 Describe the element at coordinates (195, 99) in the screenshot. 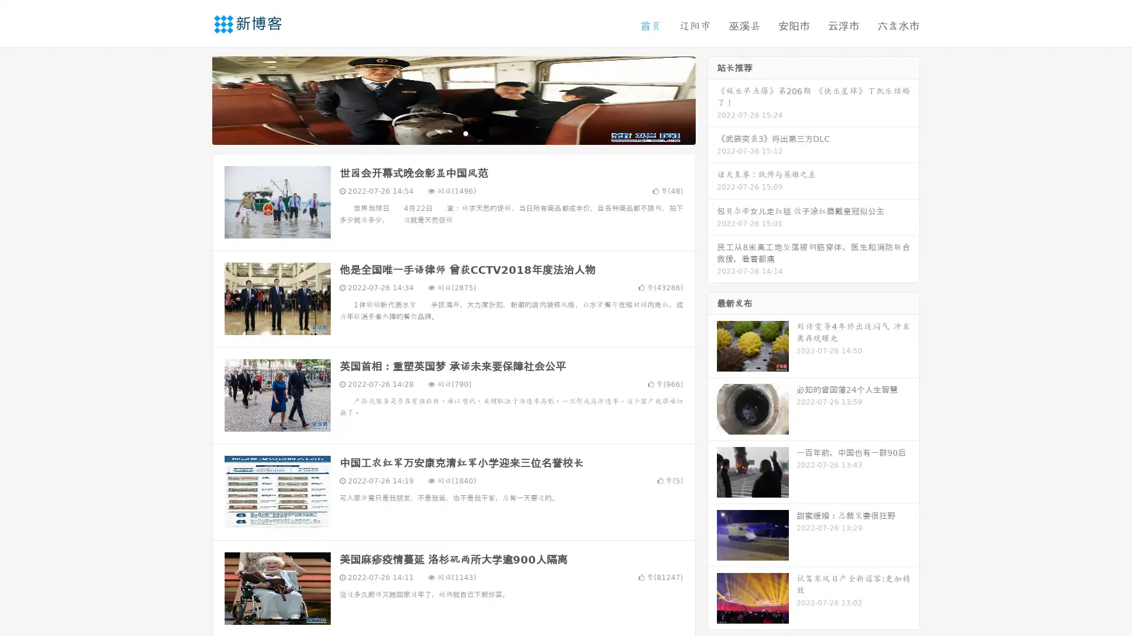

I see `Previous slide` at that location.